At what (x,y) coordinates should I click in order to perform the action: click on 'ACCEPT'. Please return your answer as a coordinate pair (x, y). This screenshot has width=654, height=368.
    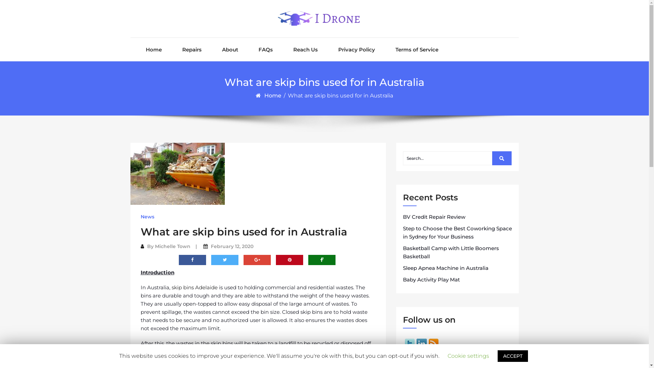
    Looking at the image, I should click on (497, 356).